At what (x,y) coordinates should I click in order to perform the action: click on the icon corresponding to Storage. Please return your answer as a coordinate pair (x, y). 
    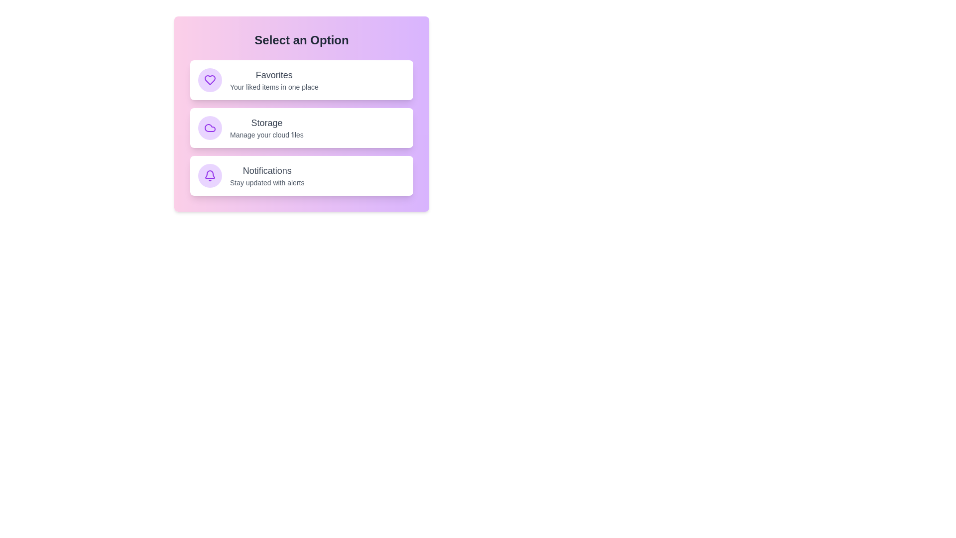
    Looking at the image, I should click on (210, 128).